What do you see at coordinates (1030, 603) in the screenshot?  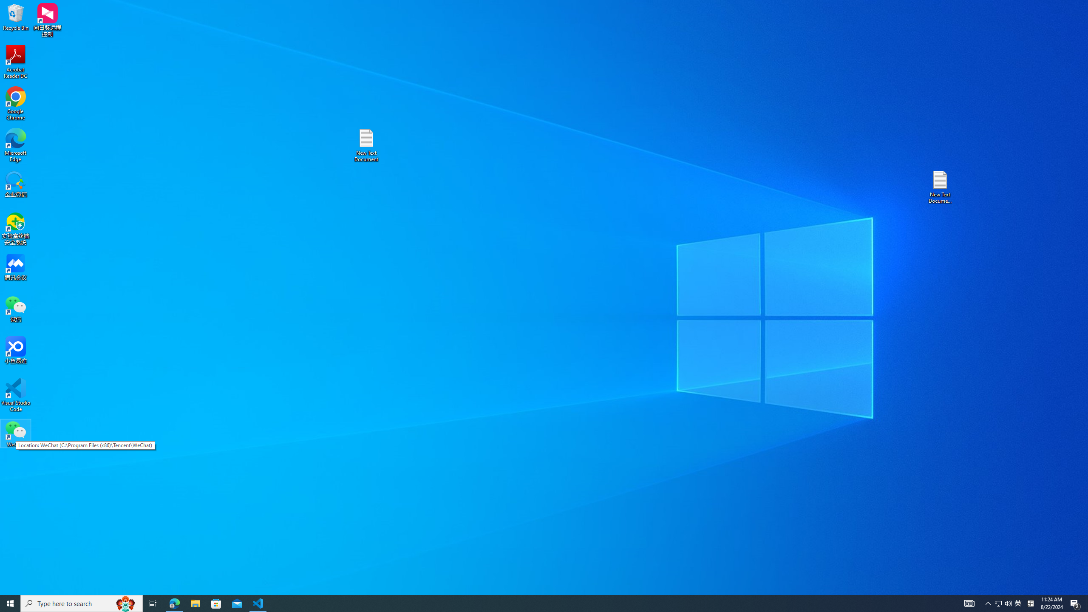 I see `'Tray Input Indicator - Chinese (Simplified, China)'` at bounding box center [1030, 603].